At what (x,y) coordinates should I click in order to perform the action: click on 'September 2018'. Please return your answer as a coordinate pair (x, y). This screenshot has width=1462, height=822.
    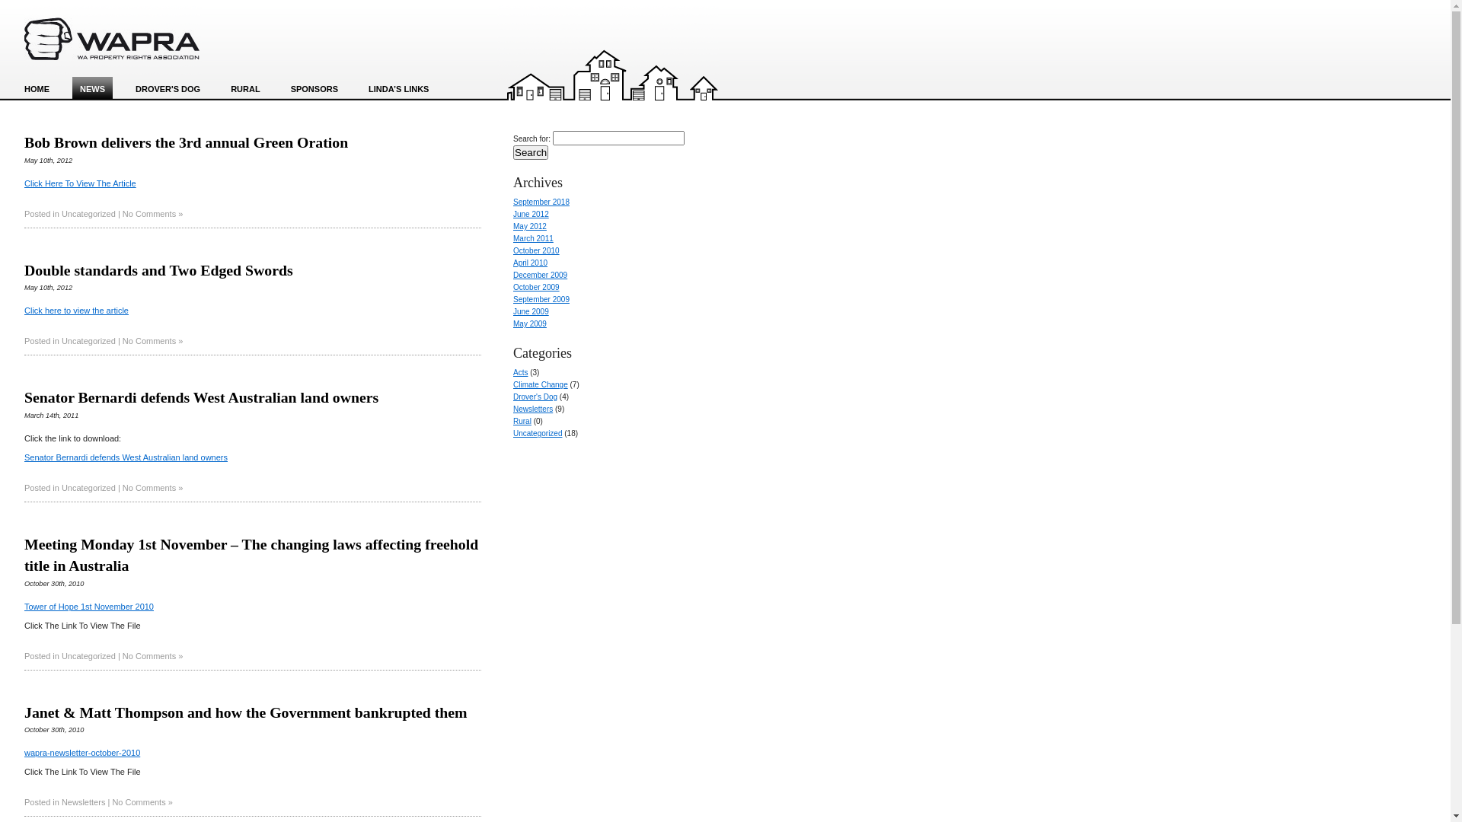
    Looking at the image, I should click on (541, 201).